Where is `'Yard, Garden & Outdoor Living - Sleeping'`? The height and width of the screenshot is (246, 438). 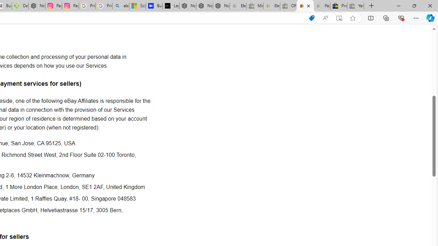
'Yard, Garden & Outdoor Living - Sleeping' is located at coordinates (356, 6).